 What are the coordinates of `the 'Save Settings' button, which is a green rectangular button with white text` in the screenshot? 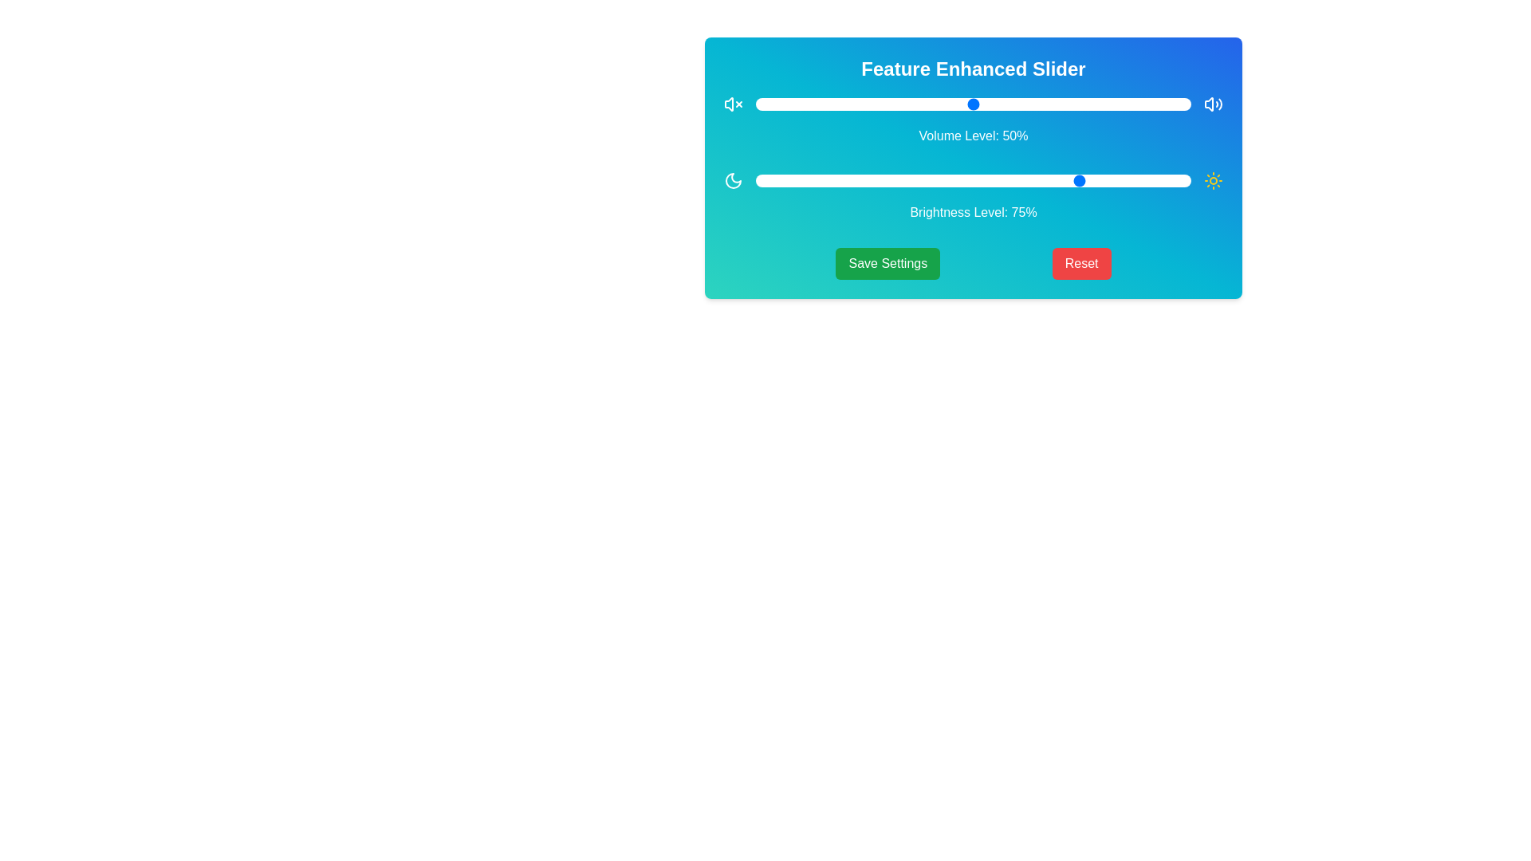 It's located at (887, 263).